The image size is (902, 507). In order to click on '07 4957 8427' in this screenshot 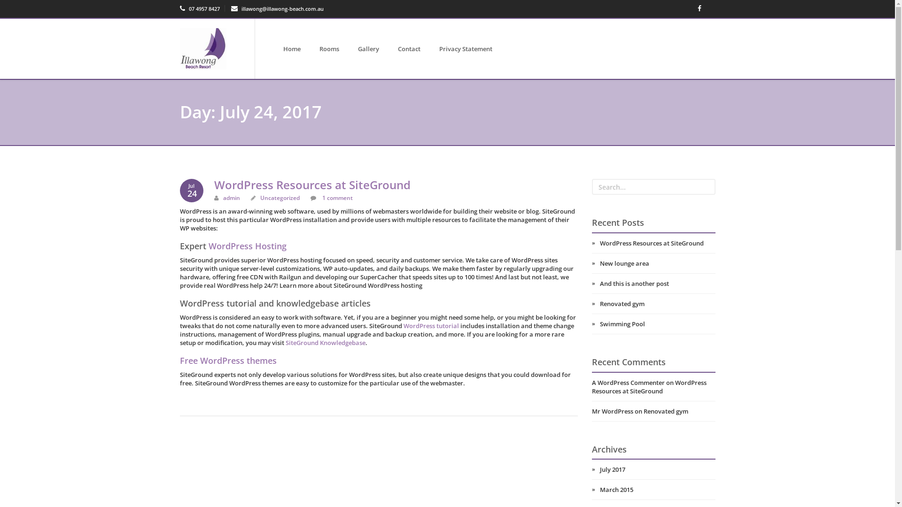, I will do `click(199, 8)`.